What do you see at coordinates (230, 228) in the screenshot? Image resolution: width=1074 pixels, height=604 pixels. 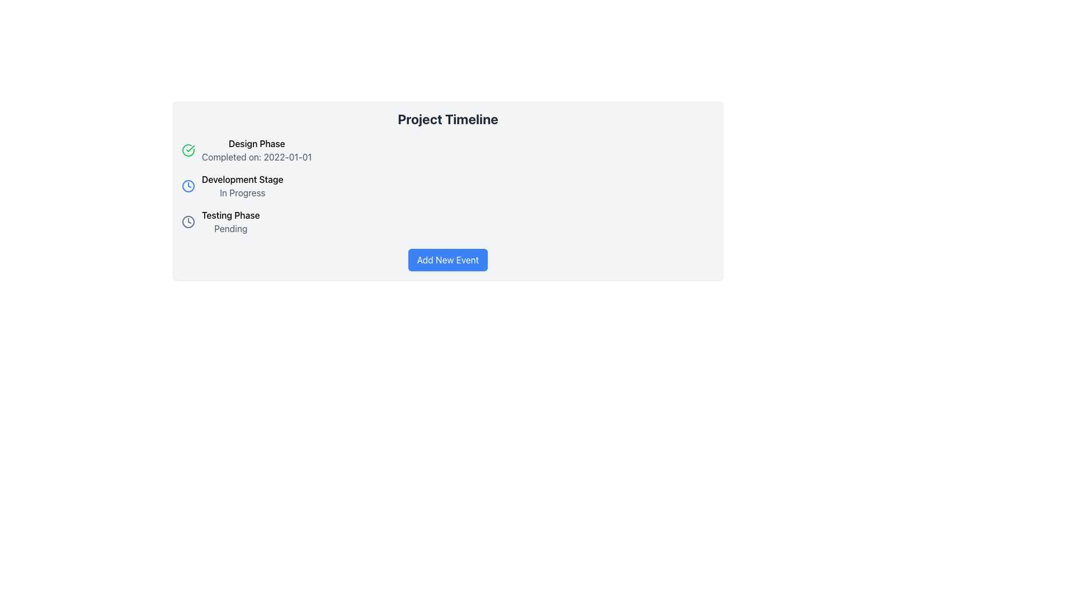 I see `the status indicator text that displays 'Pending', located directly beneath the 'Testing Phase' text in the 'Project Timeline' panel` at bounding box center [230, 228].